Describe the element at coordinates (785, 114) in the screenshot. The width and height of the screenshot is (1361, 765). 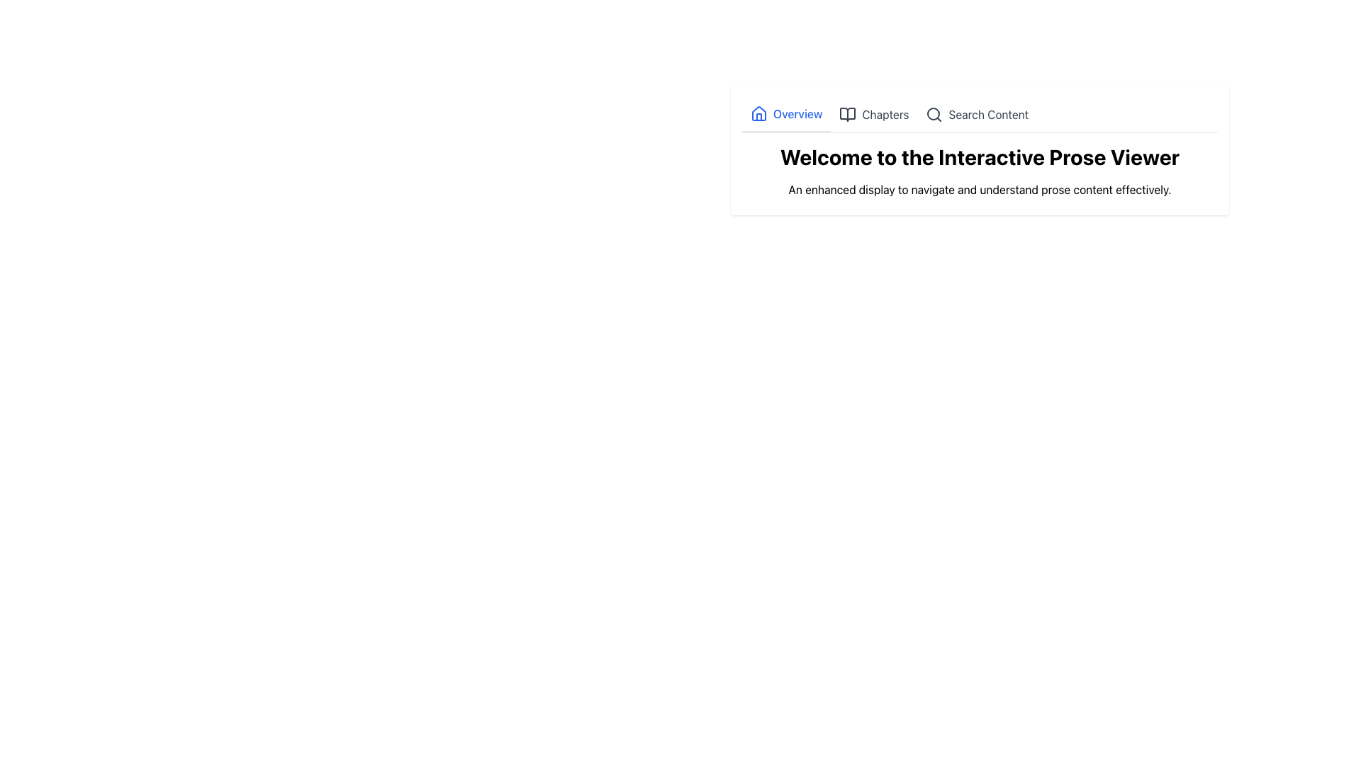
I see `the 'Overview' navigation tab, which is the first tab in the navigation bar styled with blue text and a house icon` at that location.